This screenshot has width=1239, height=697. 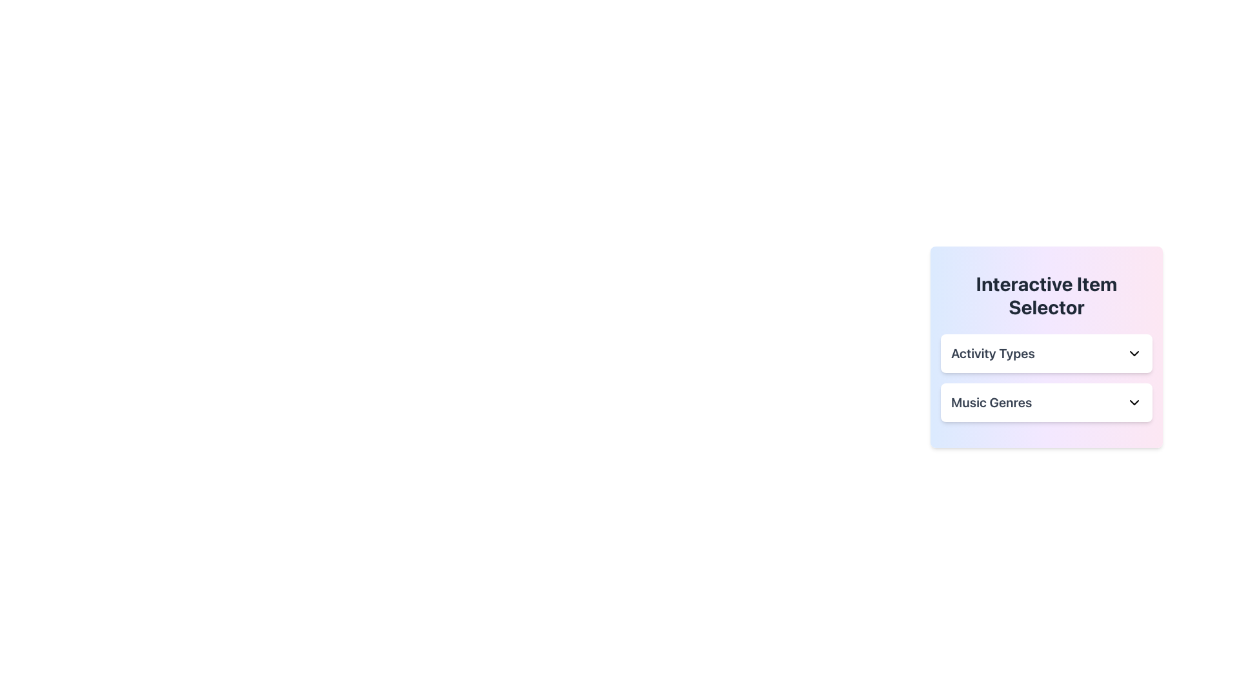 I want to click on the chevron icon on the right side of the 'Music Genres' label, so click(x=1133, y=402).